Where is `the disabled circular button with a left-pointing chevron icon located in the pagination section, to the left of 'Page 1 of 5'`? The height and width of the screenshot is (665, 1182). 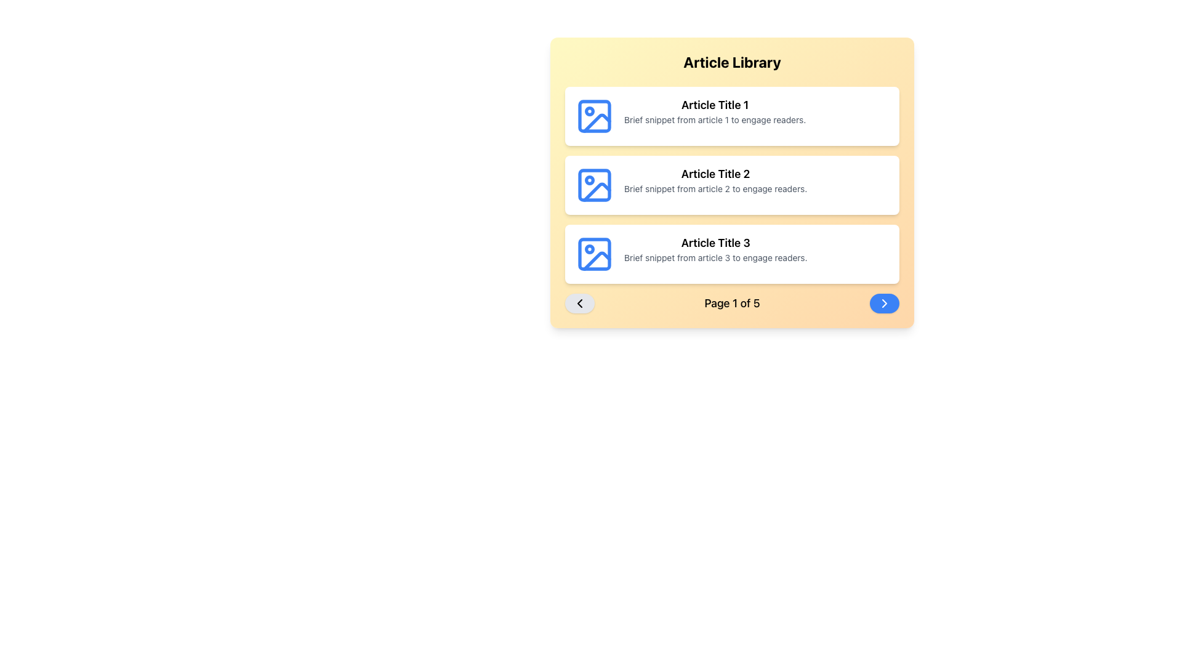 the disabled circular button with a left-pointing chevron icon located in the pagination section, to the left of 'Page 1 of 5' is located at coordinates (579, 304).